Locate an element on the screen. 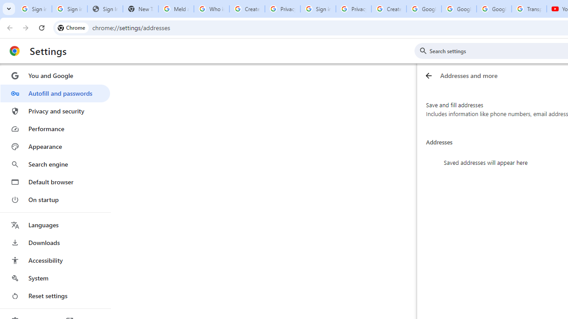  'Accessibility' is located at coordinates (55, 260).